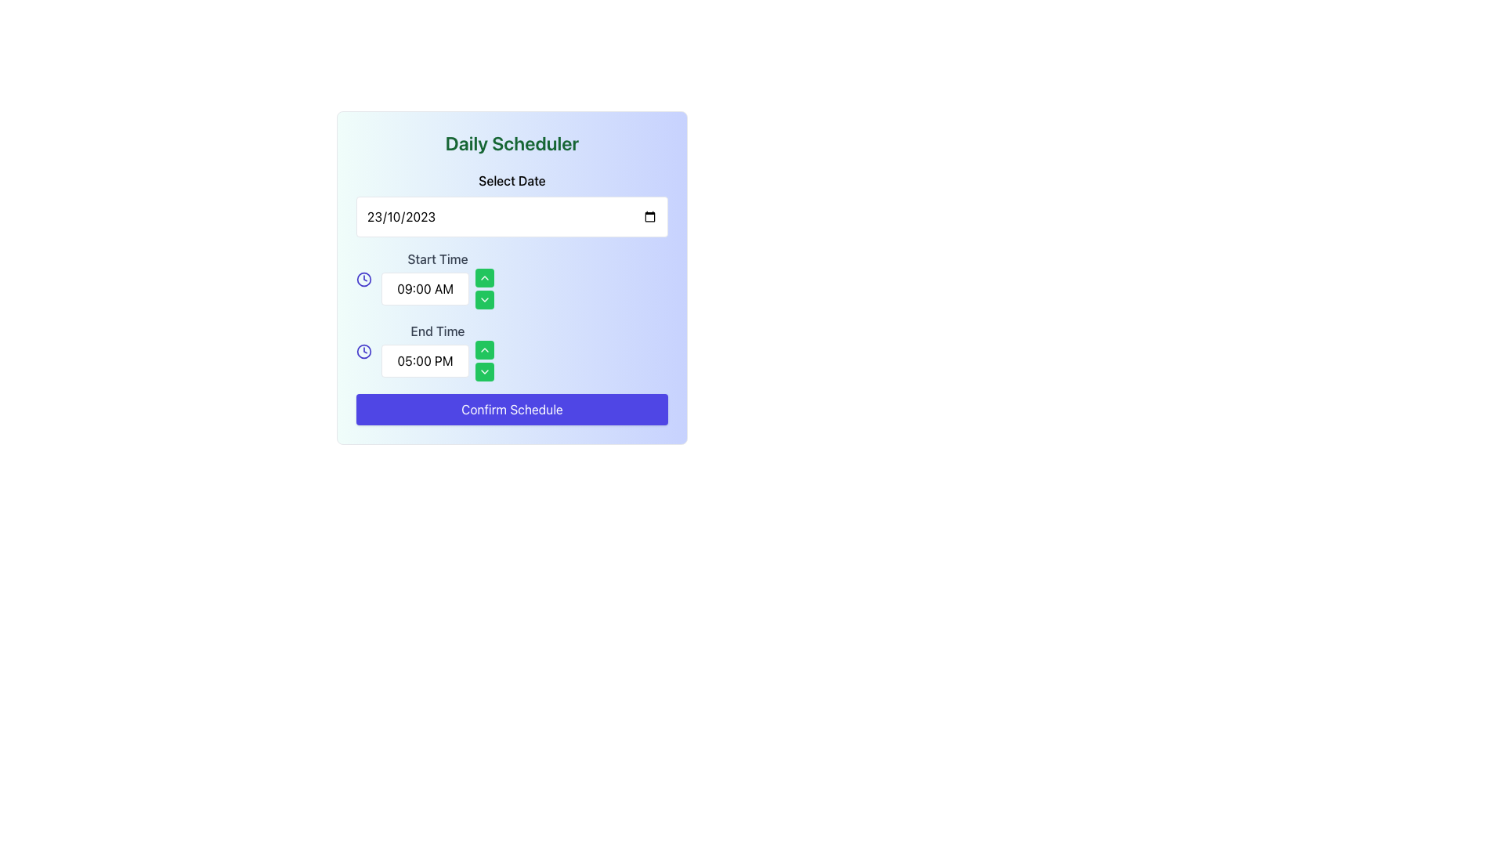  Describe the element at coordinates (437, 331) in the screenshot. I see `the 'End Time' label element, which is styled with medium font weight and gray color, located above the '05:00 PM' input field in the form interface` at that location.